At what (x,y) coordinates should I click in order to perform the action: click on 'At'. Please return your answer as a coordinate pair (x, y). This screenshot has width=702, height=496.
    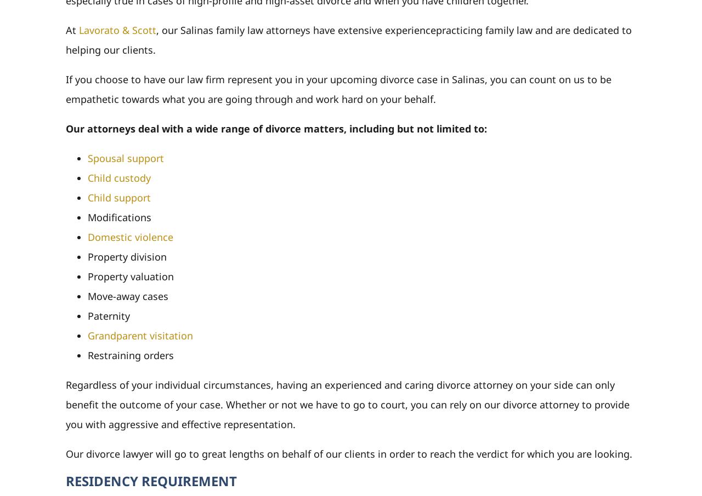
    Looking at the image, I should click on (71, 29).